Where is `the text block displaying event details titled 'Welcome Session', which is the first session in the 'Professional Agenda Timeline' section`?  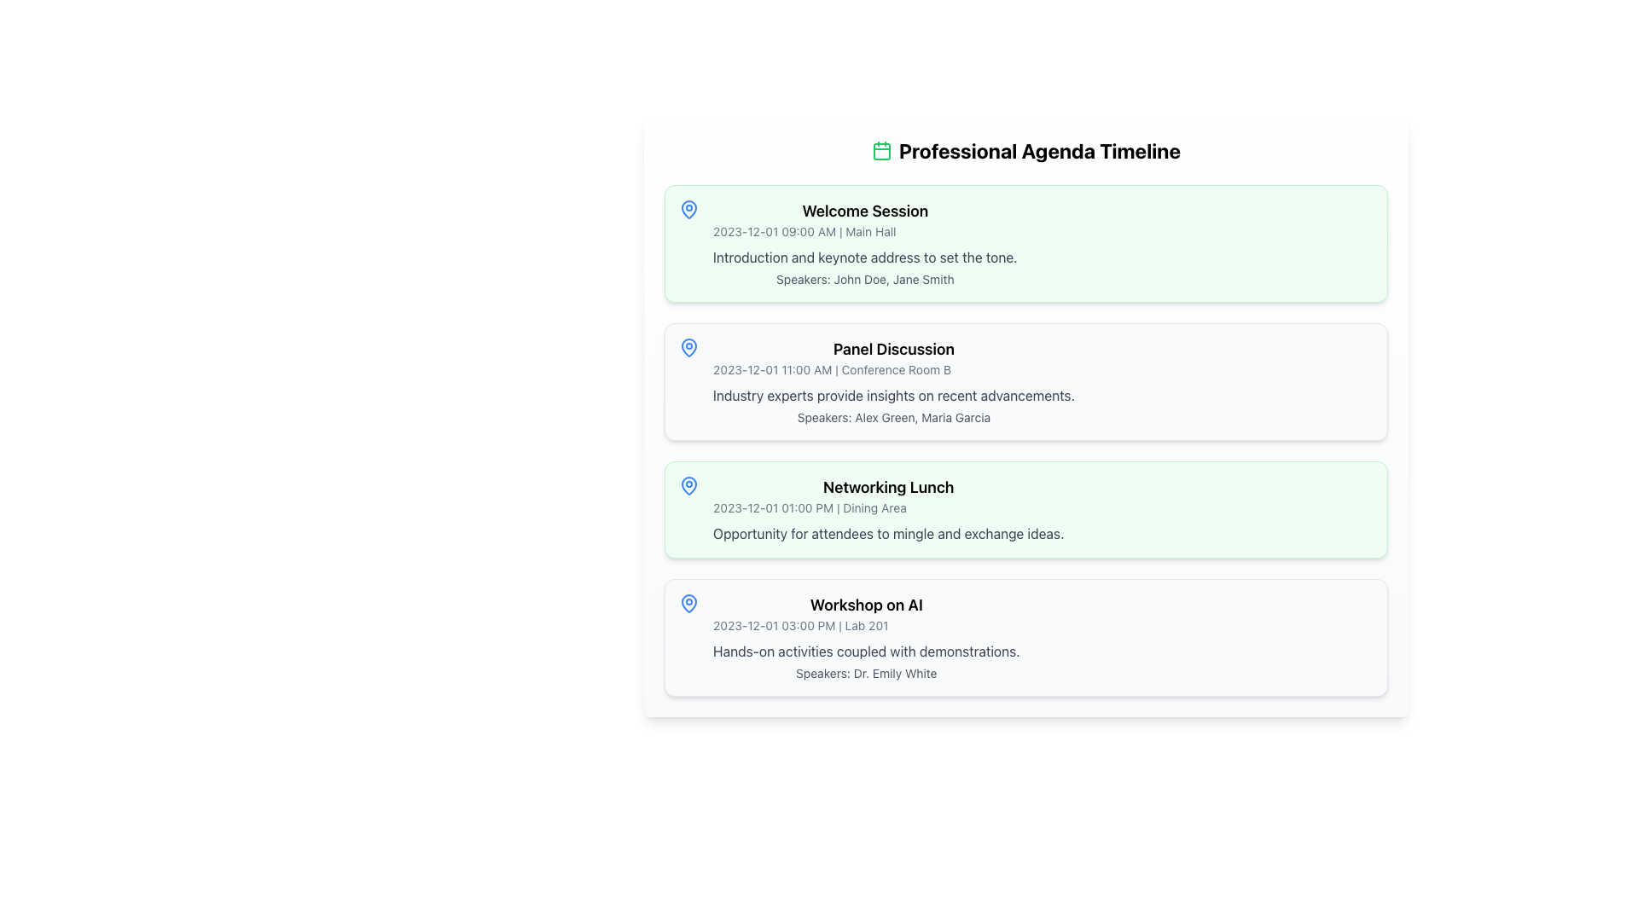
the text block displaying event details titled 'Welcome Session', which is the first session in the 'Professional Agenda Timeline' section is located at coordinates (865, 243).